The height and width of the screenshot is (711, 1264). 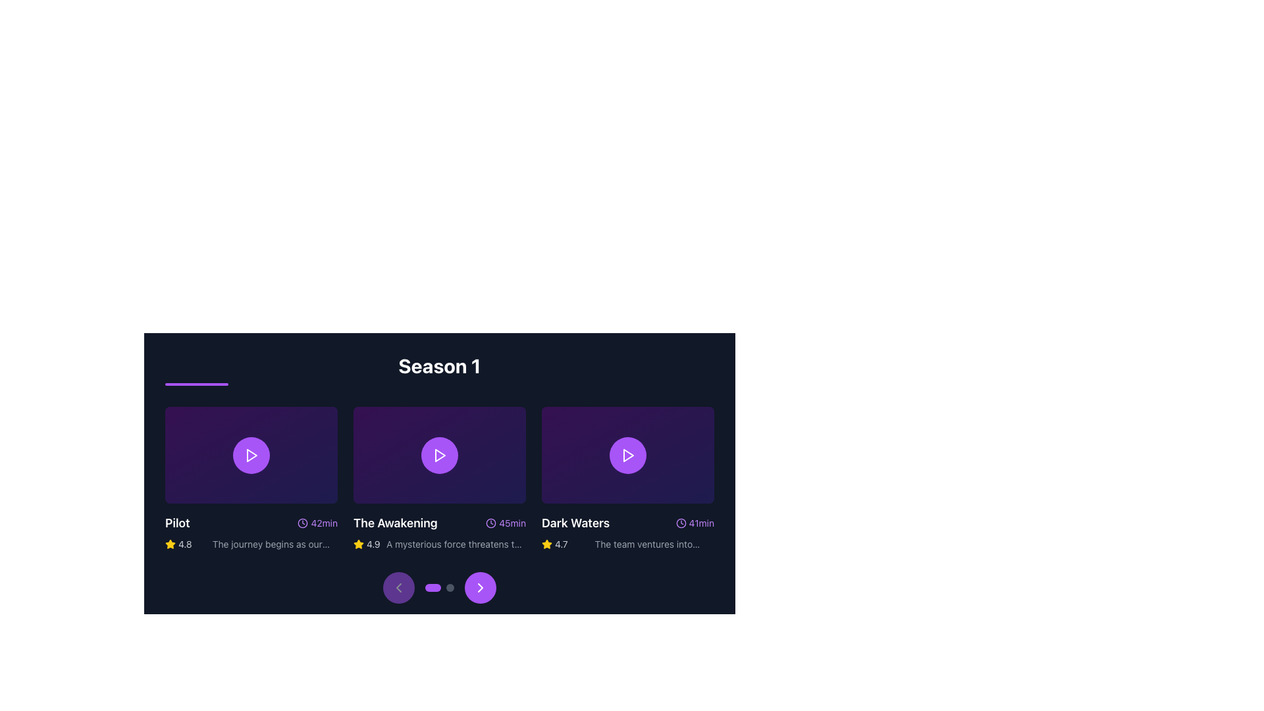 What do you see at coordinates (439, 587) in the screenshot?
I see `the left arrow of the slider navigation control located below the 'Season 1' video grid to move left` at bounding box center [439, 587].